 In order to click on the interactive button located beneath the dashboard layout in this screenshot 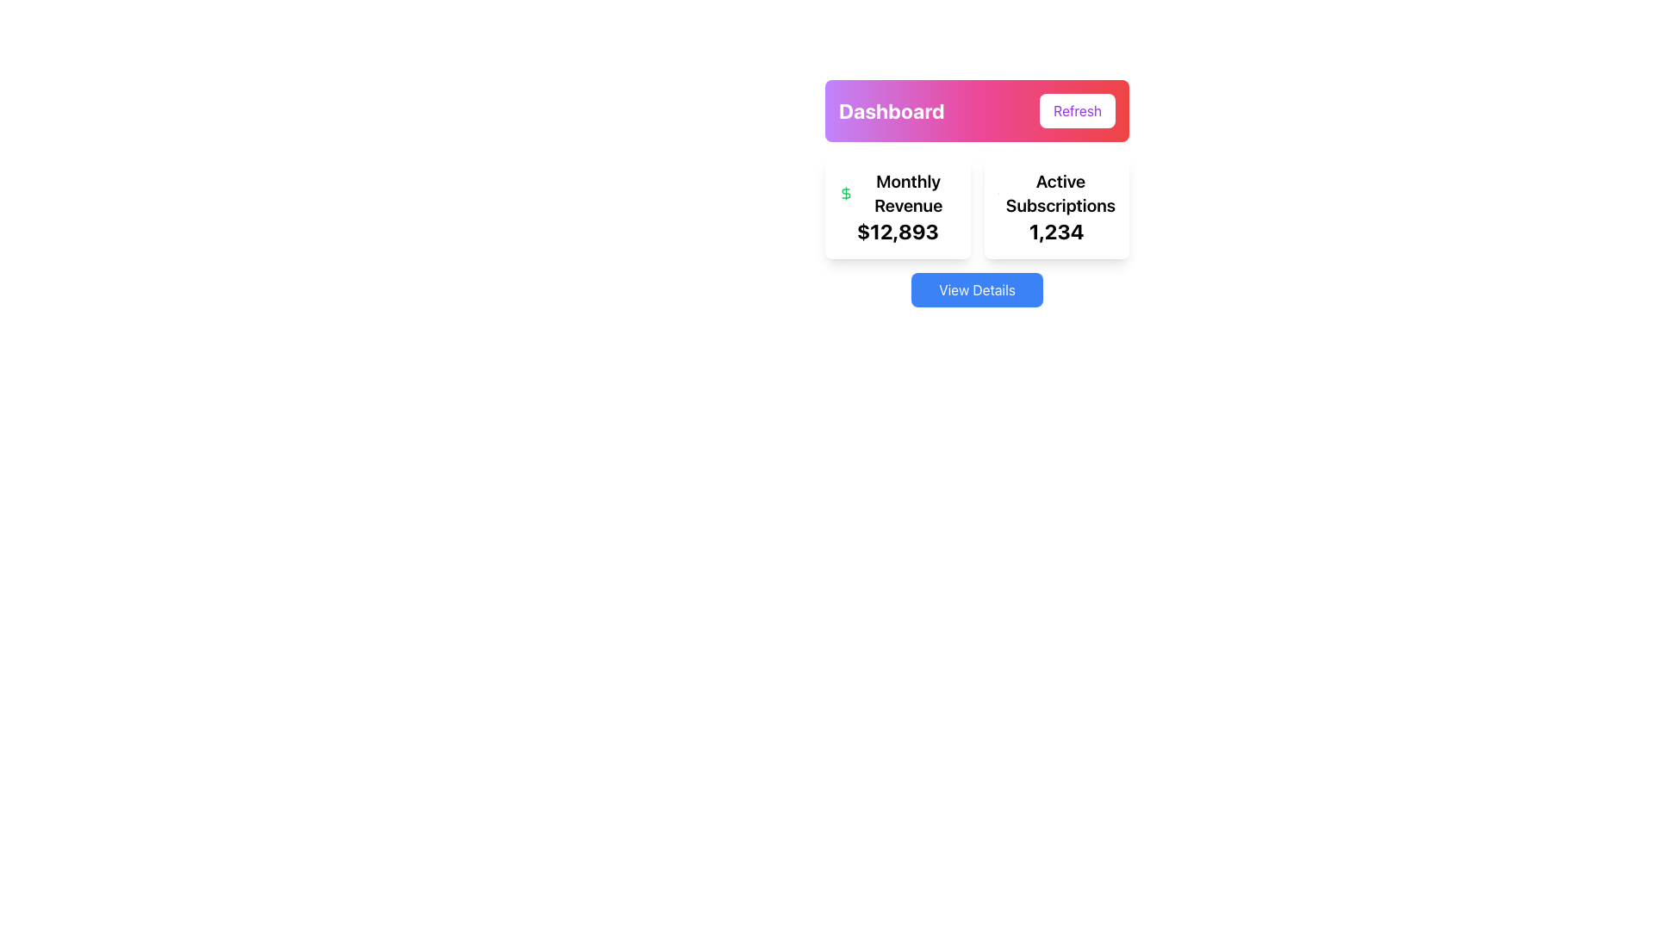, I will do `click(976, 288)`.